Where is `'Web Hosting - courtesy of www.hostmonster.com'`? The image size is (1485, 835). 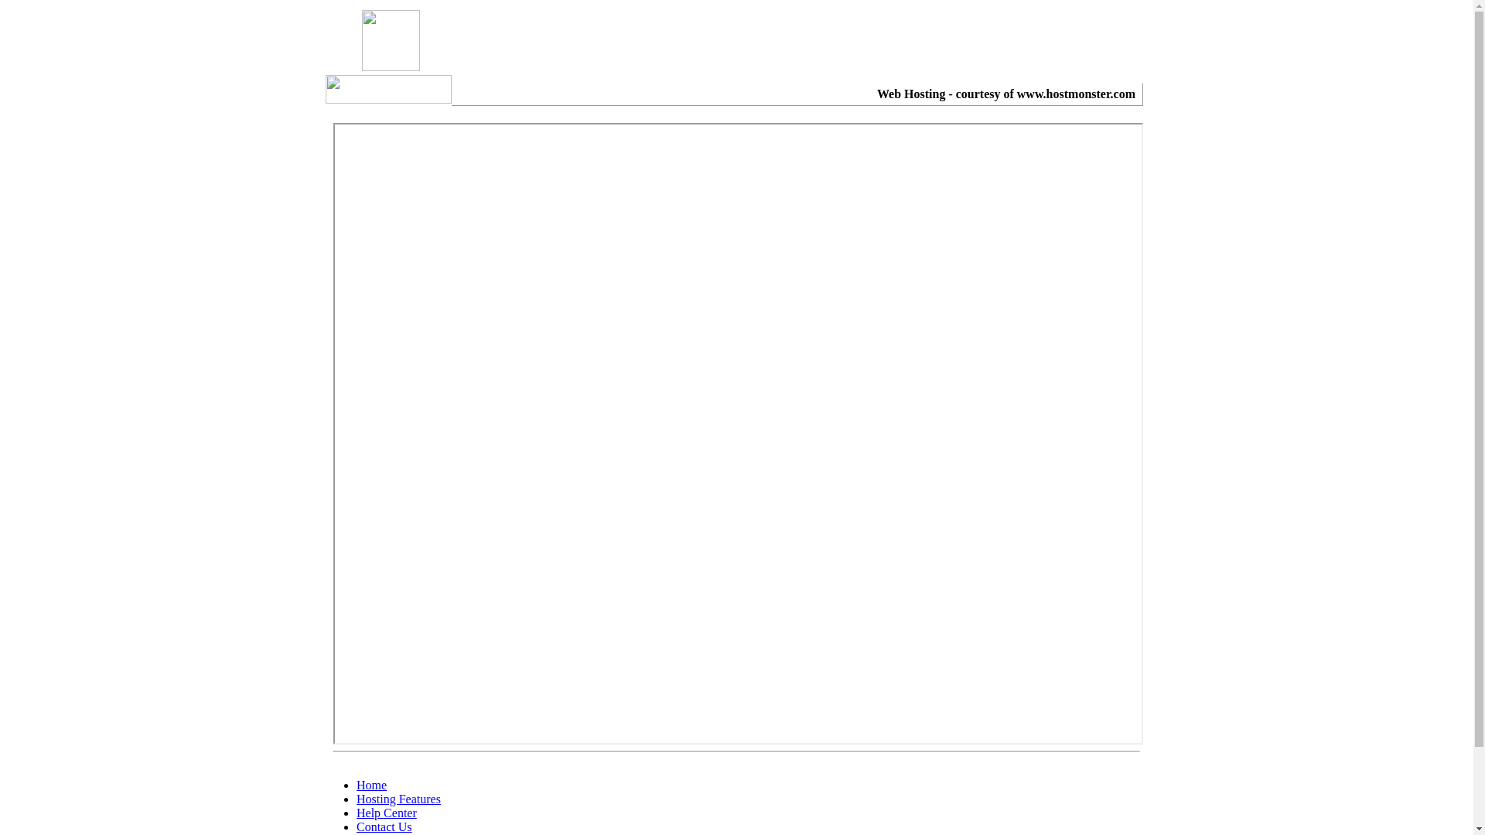 'Web Hosting - courtesy of www.hostmonster.com' is located at coordinates (1005, 94).